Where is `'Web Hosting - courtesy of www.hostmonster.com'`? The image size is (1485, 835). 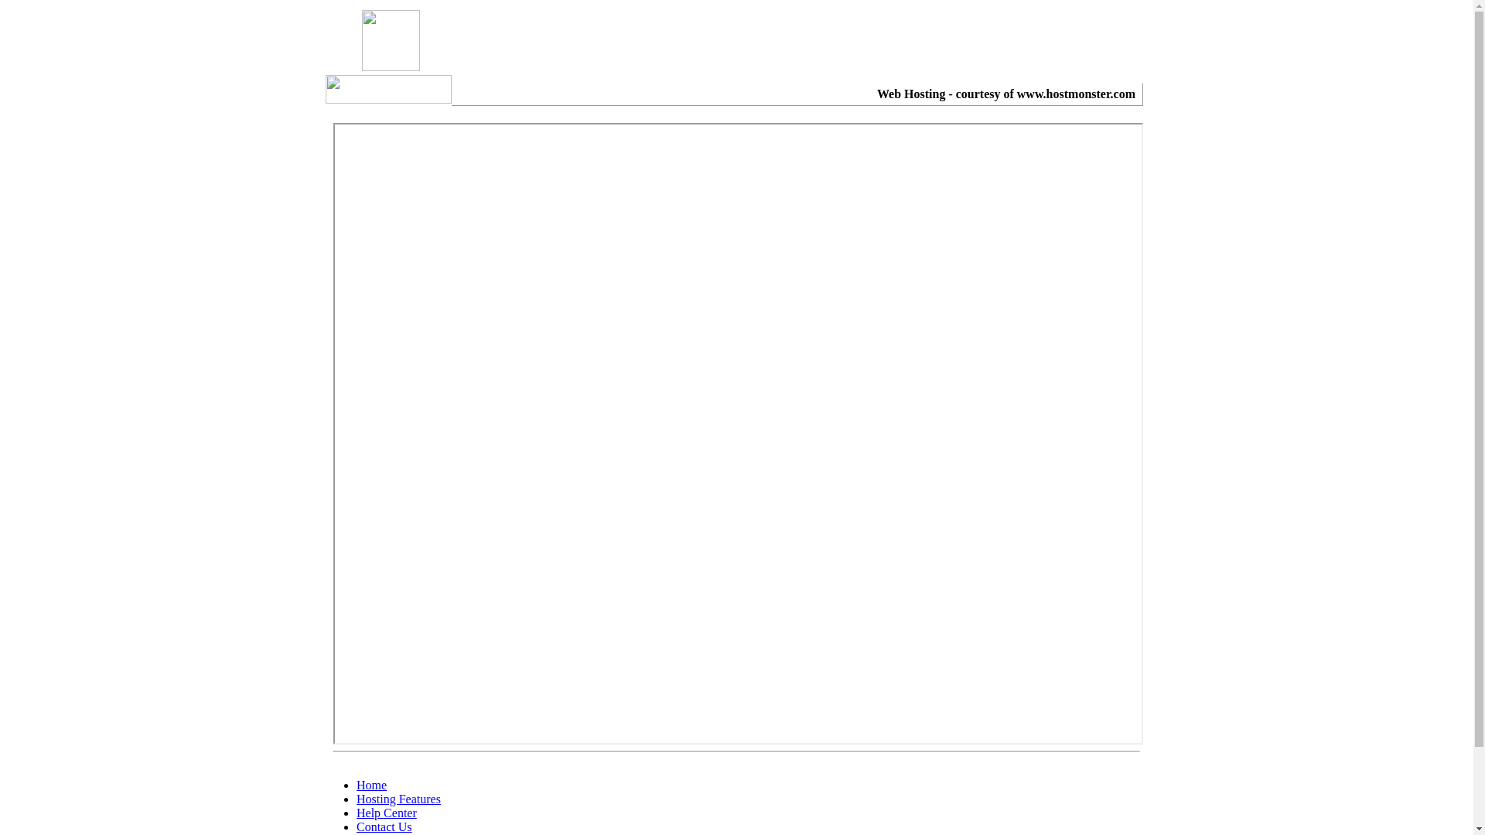 'Web Hosting - courtesy of www.hostmonster.com' is located at coordinates (1005, 94).